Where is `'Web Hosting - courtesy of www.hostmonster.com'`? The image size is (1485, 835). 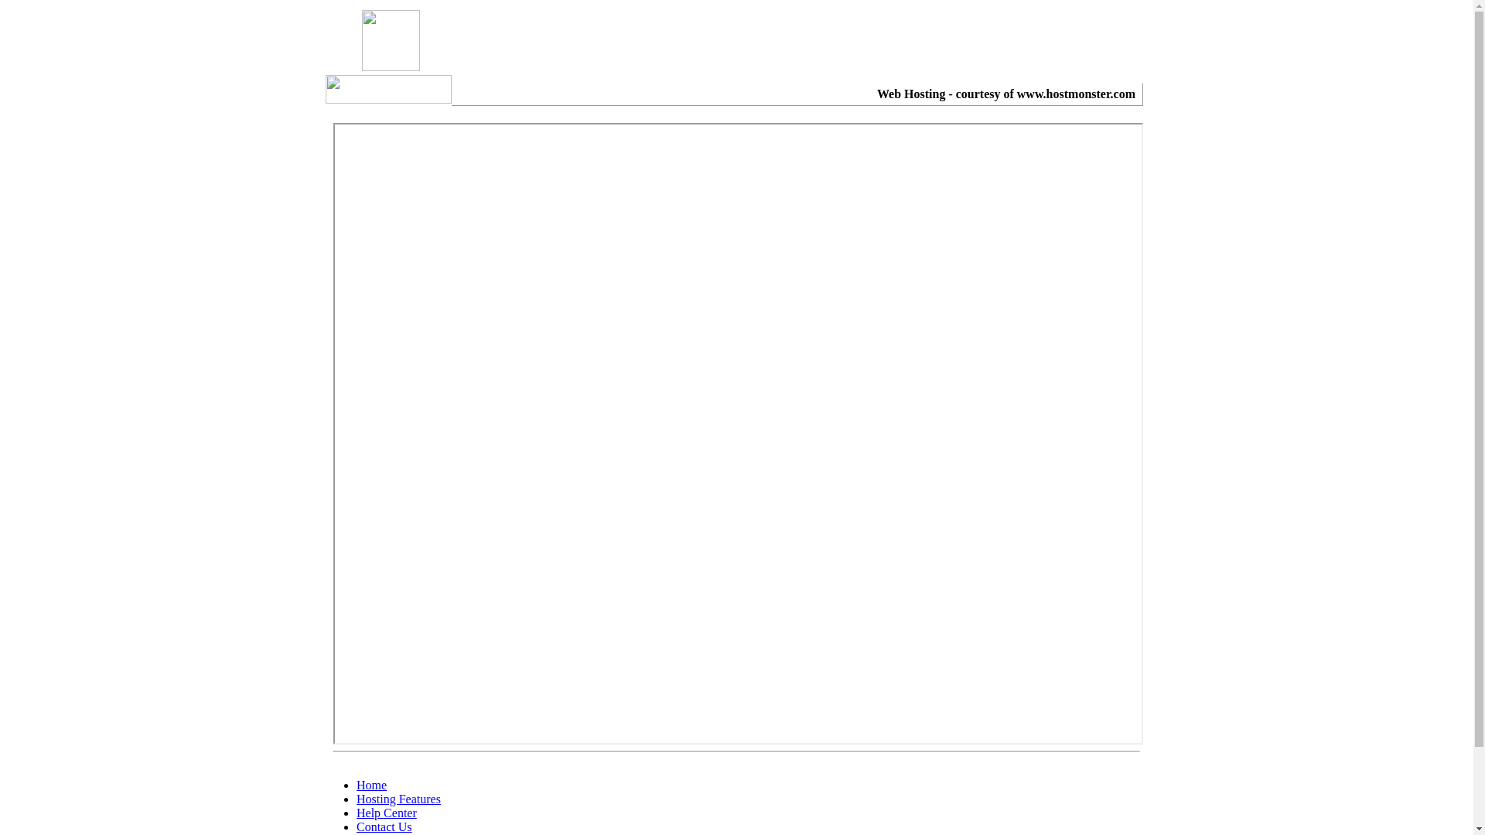 'Web Hosting - courtesy of www.hostmonster.com' is located at coordinates (1005, 94).